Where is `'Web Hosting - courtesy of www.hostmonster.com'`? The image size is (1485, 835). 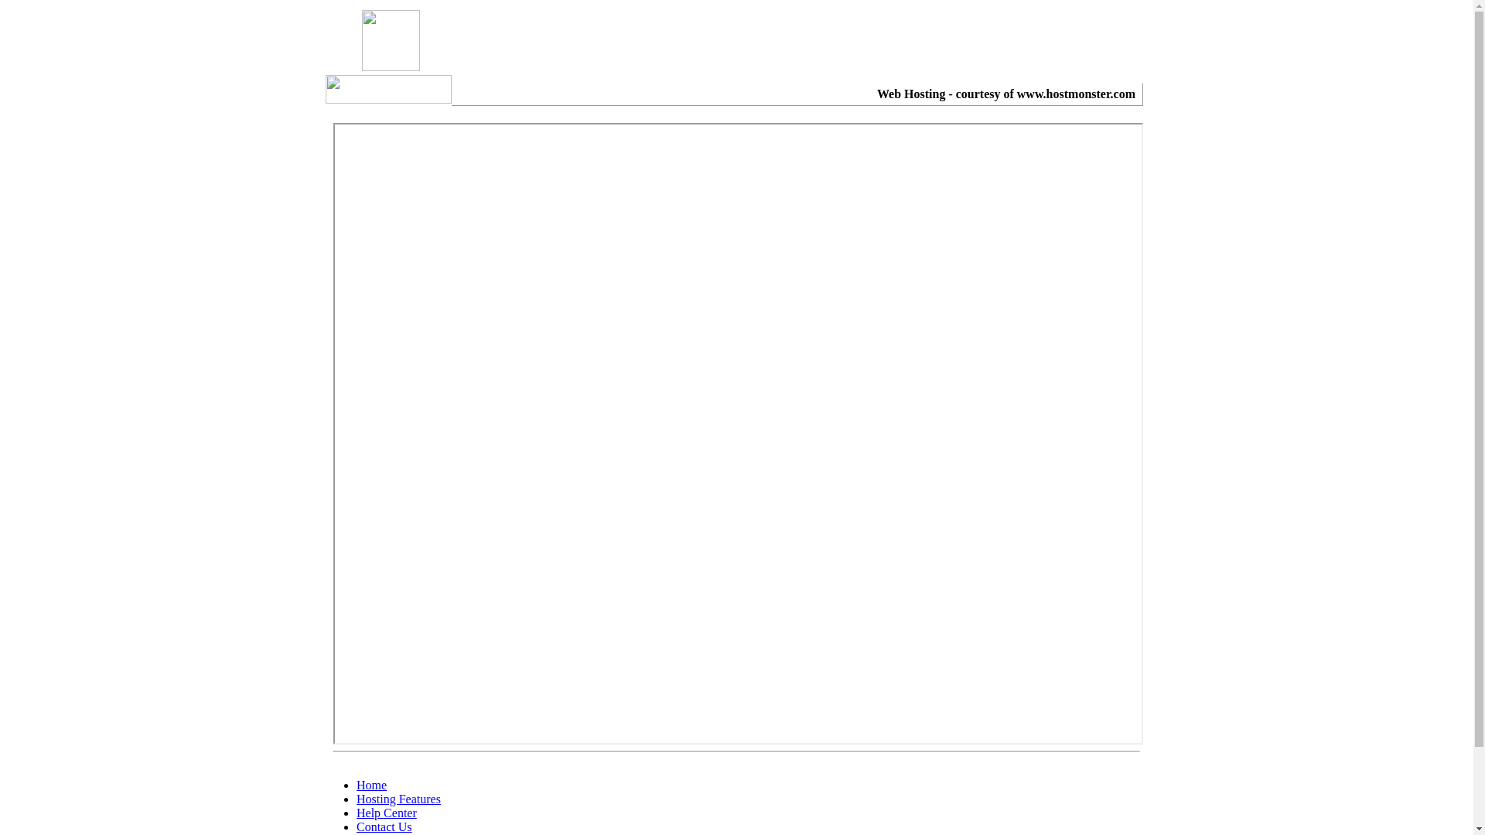 'Web Hosting - courtesy of www.hostmonster.com' is located at coordinates (1005, 94).